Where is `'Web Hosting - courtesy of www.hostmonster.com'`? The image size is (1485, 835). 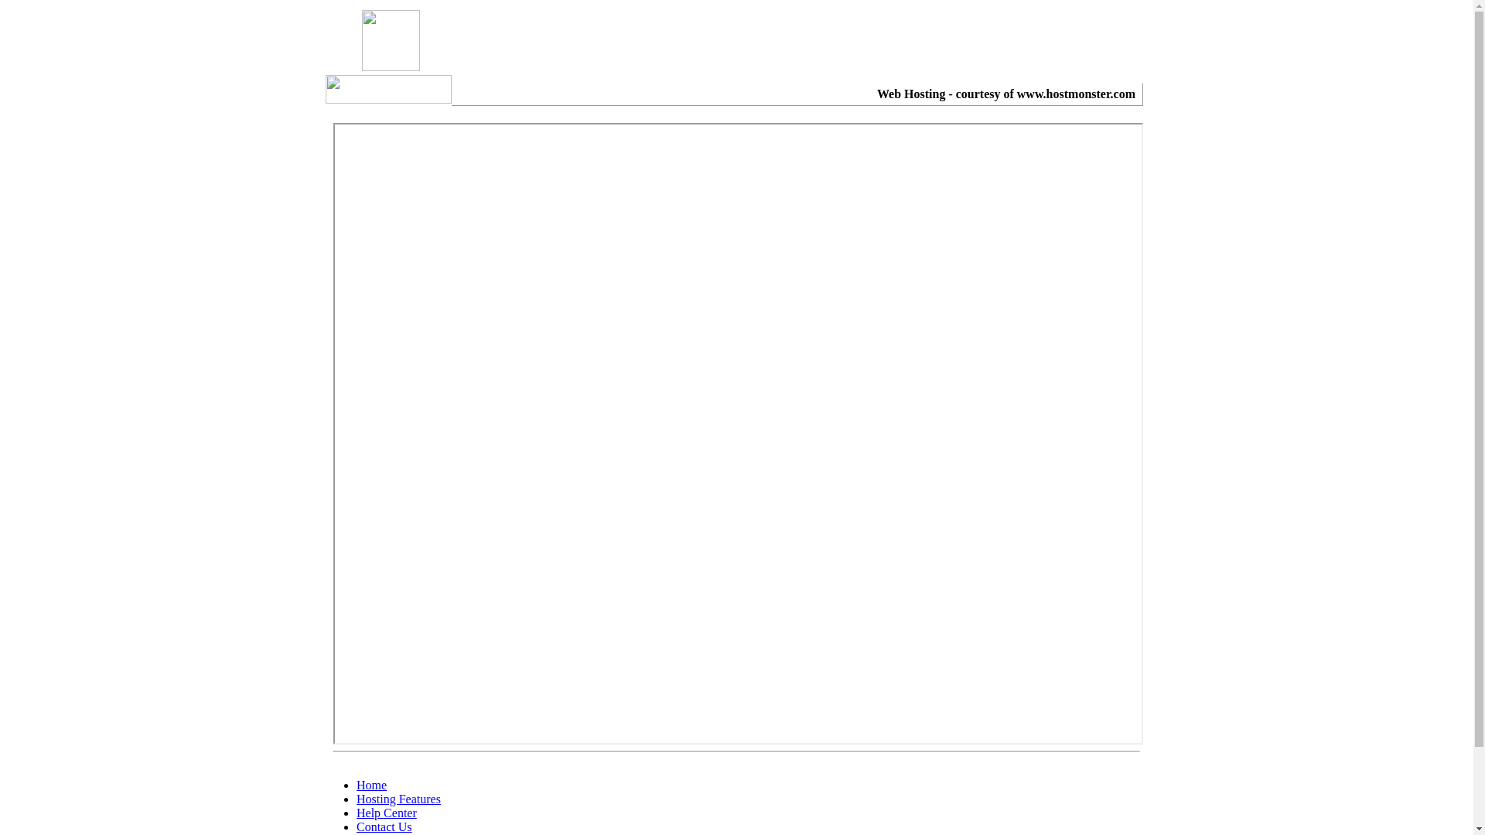 'Web Hosting - courtesy of www.hostmonster.com' is located at coordinates (1005, 94).